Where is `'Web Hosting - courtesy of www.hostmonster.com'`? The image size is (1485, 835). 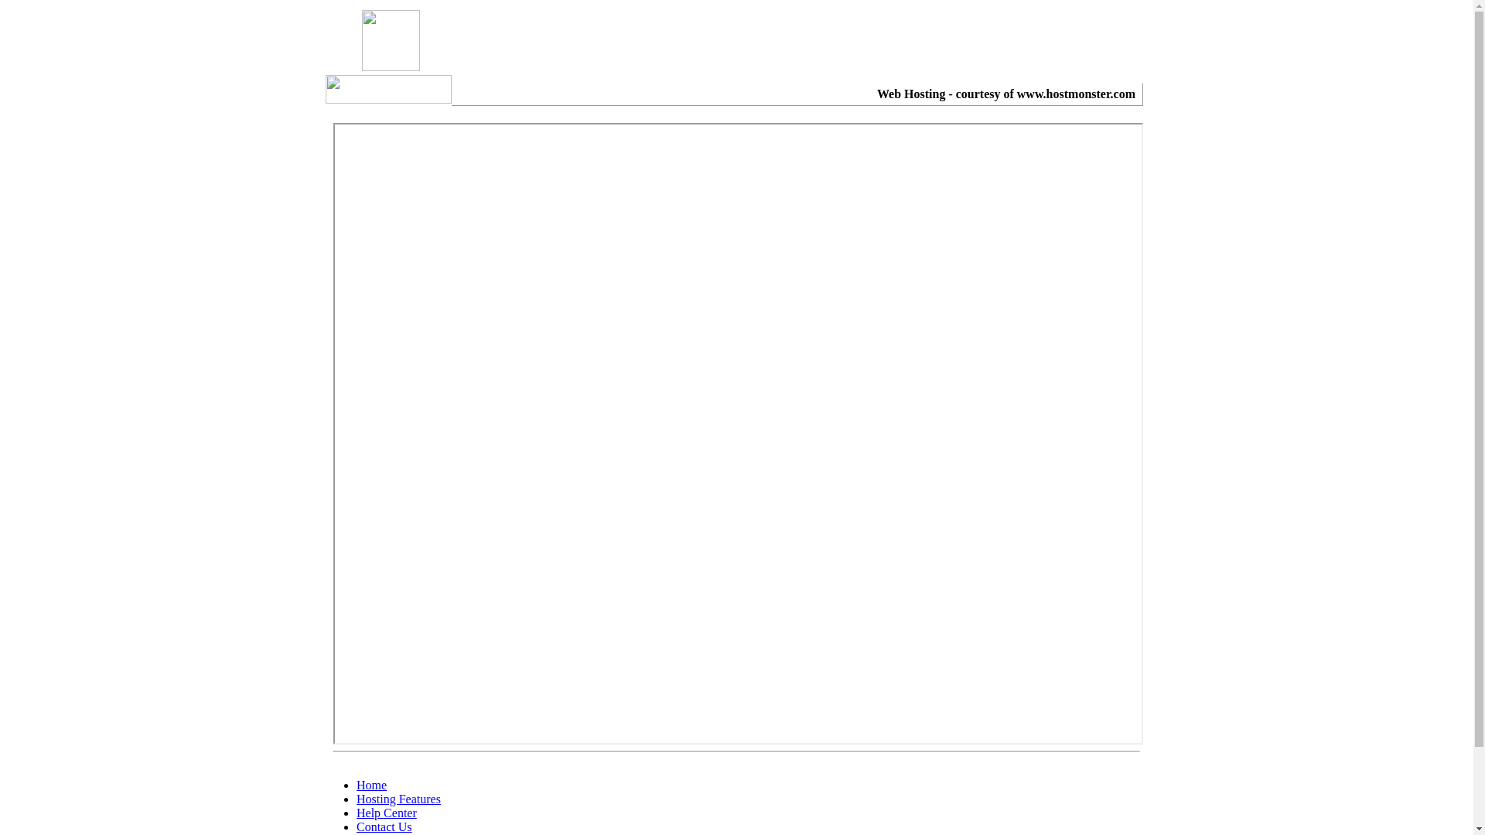 'Web Hosting - courtesy of www.hostmonster.com' is located at coordinates (1005, 94).